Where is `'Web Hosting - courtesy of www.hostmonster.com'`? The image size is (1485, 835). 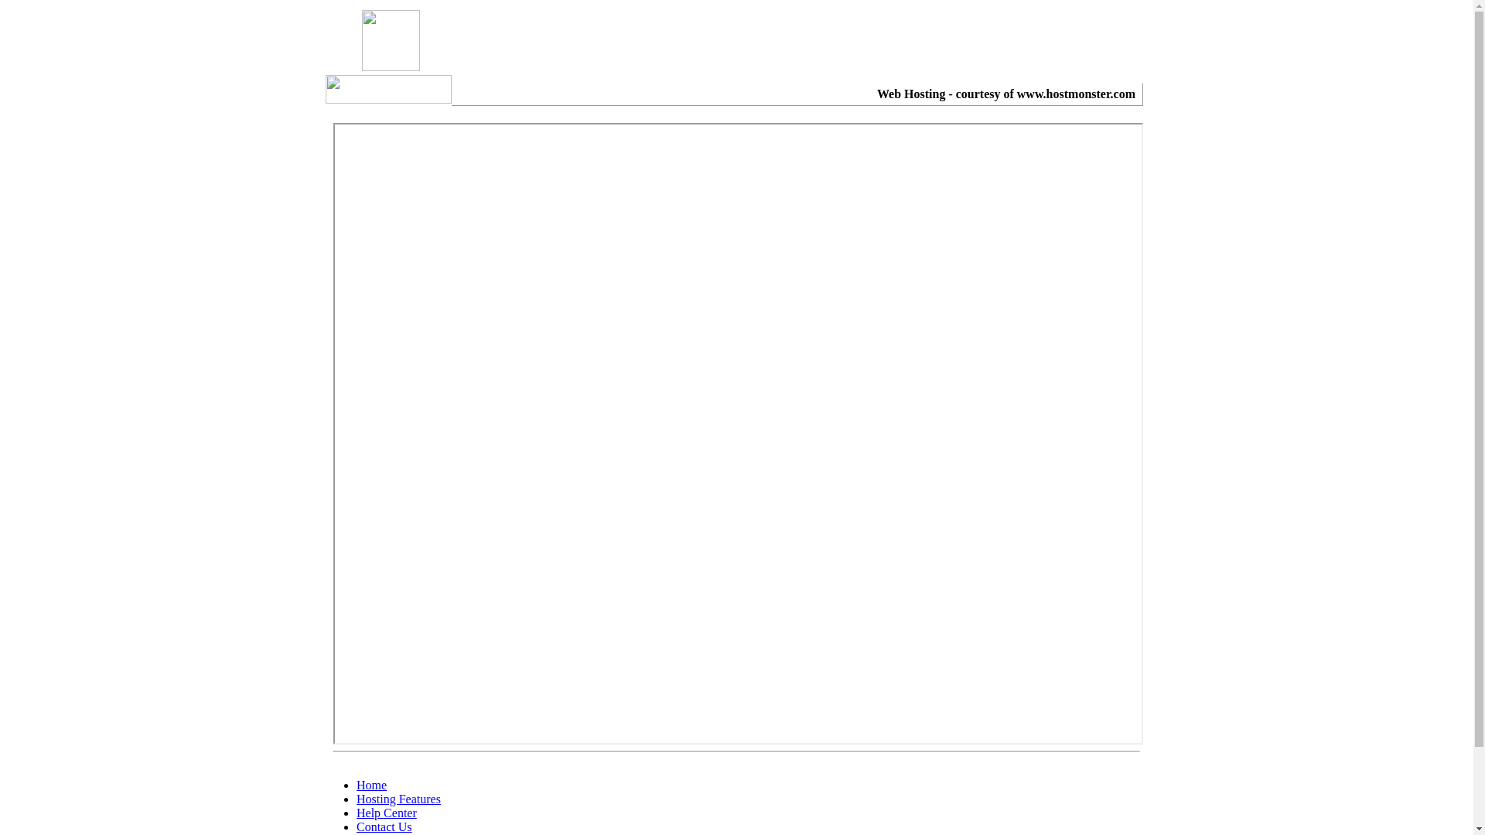 'Web Hosting - courtesy of www.hostmonster.com' is located at coordinates (1005, 94).